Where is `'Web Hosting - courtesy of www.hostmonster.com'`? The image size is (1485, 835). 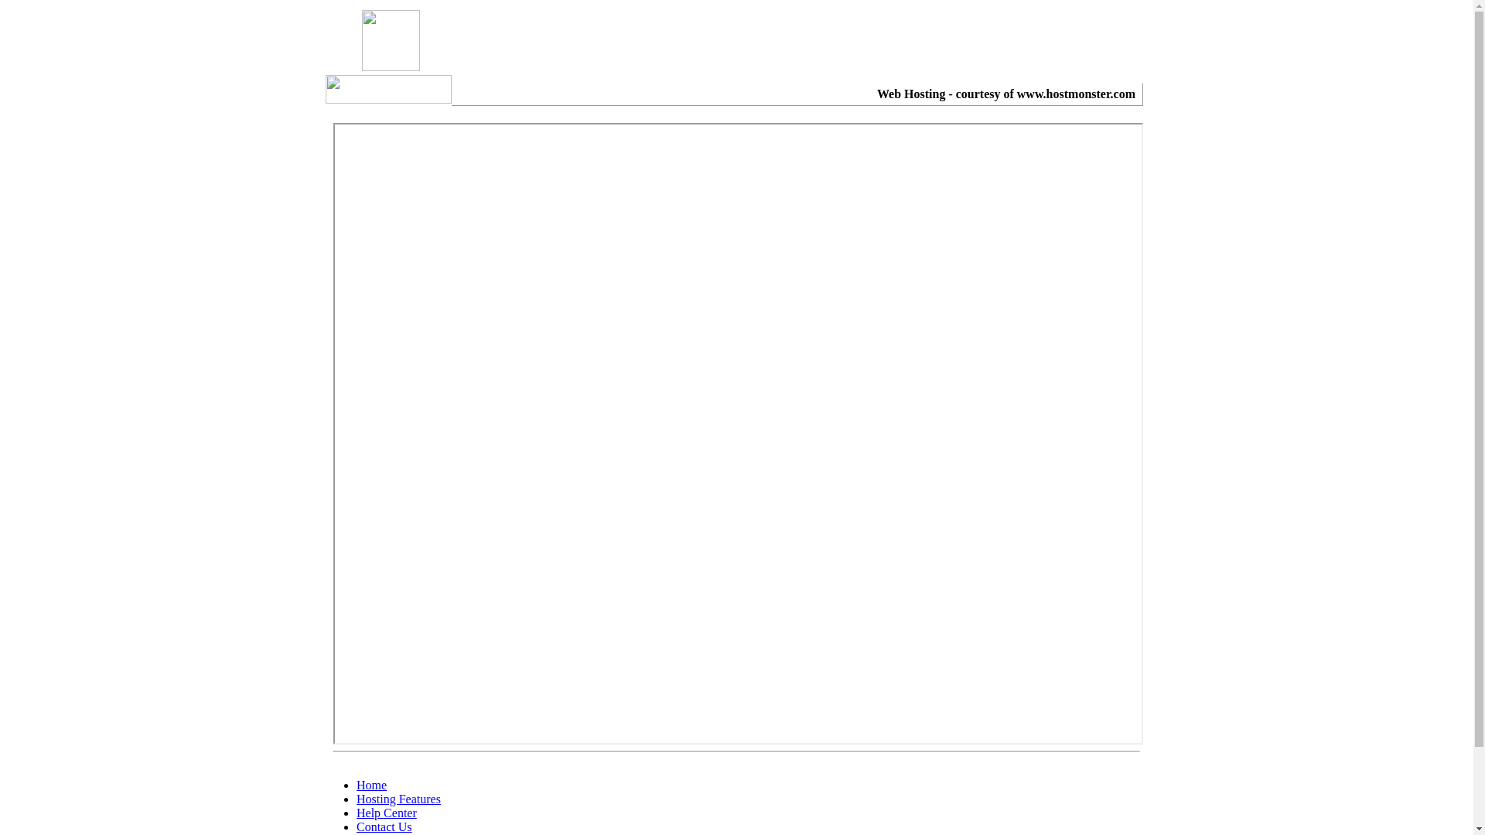 'Web Hosting - courtesy of www.hostmonster.com' is located at coordinates (1005, 94).